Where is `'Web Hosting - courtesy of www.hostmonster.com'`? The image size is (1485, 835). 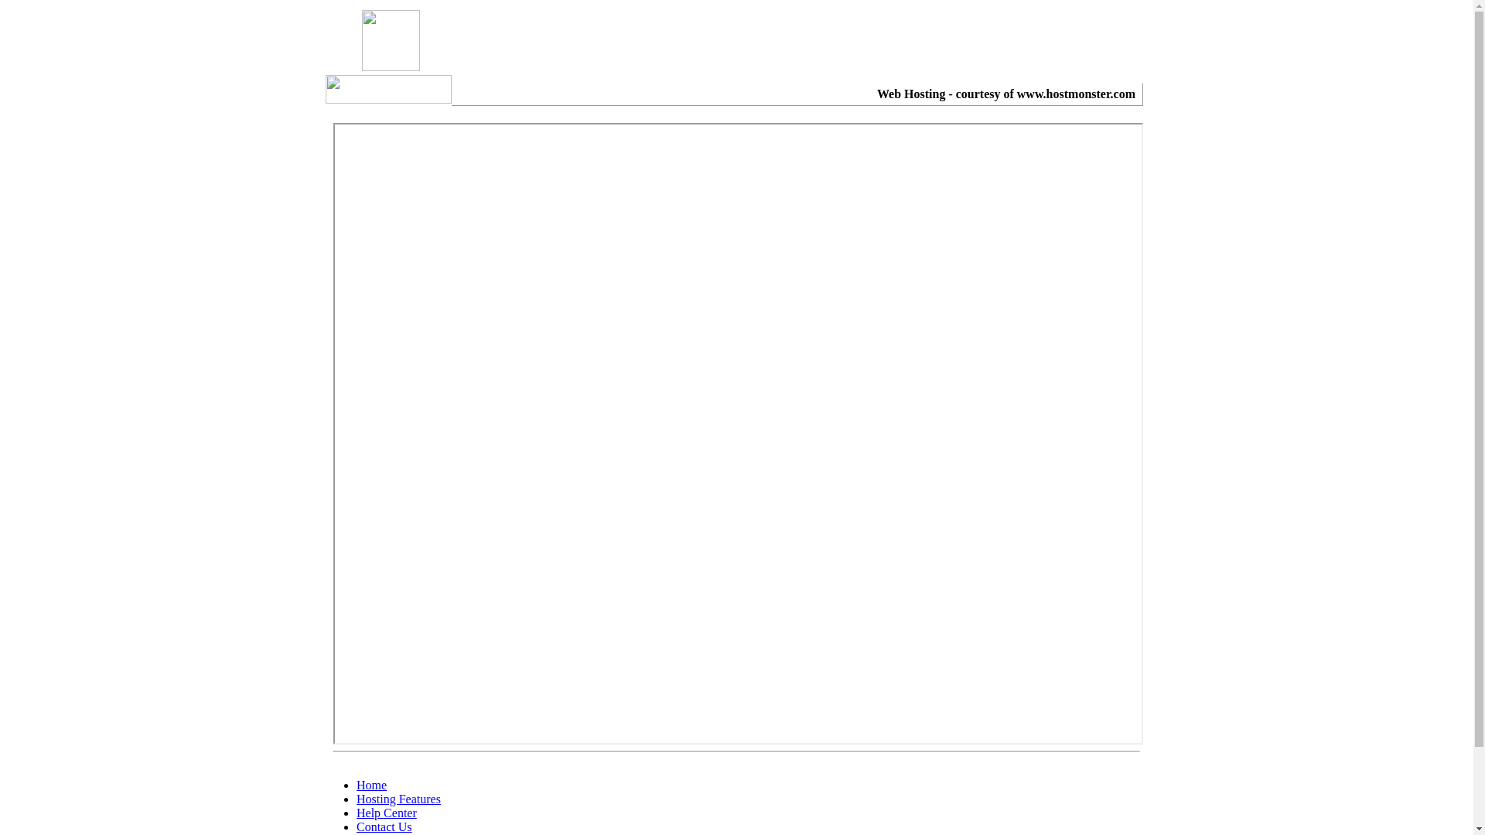 'Web Hosting - courtesy of www.hostmonster.com' is located at coordinates (1005, 94).